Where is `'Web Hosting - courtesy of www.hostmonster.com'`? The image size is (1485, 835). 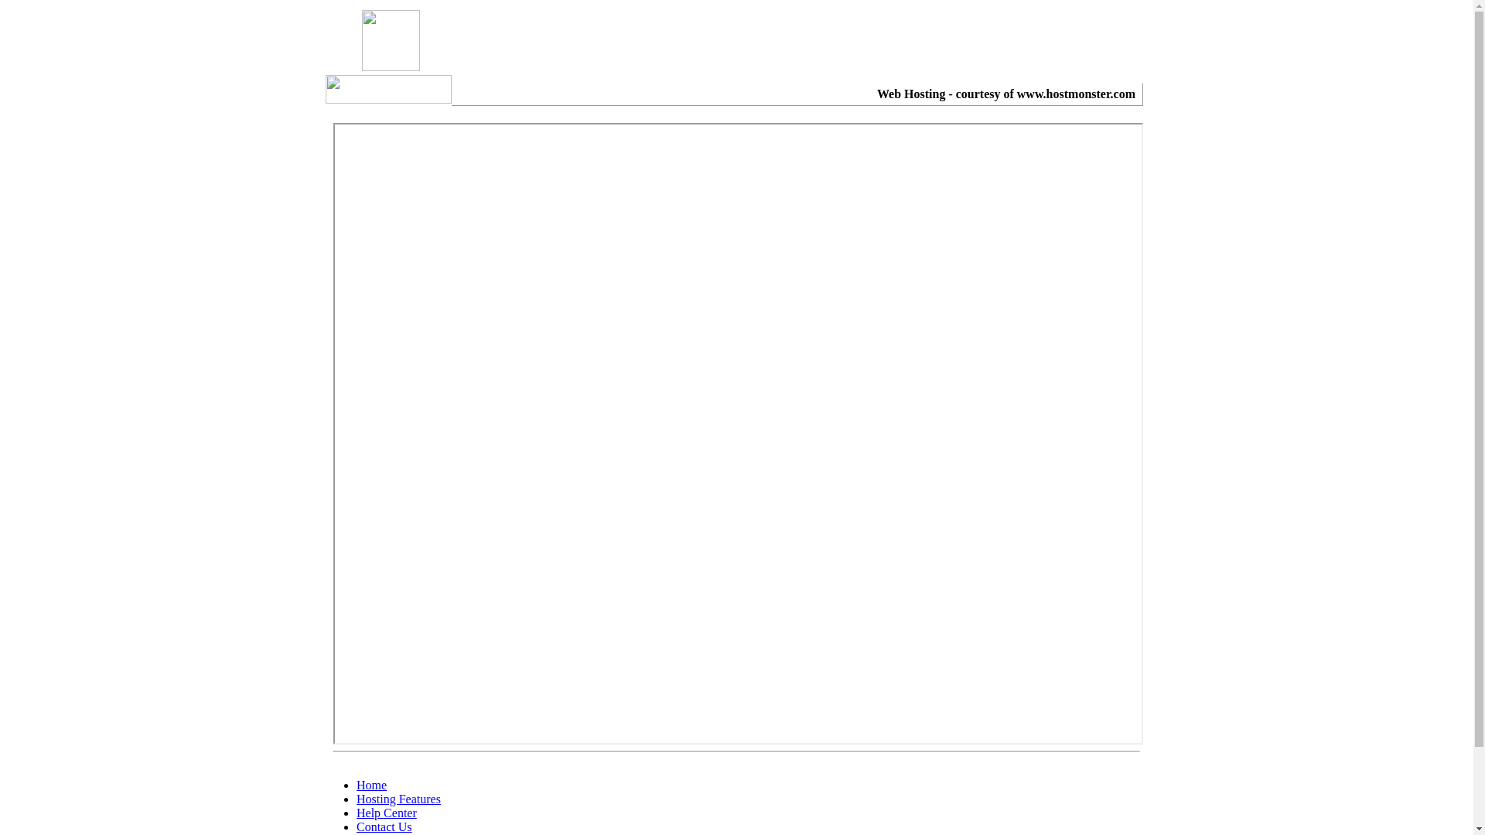 'Web Hosting - courtesy of www.hostmonster.com' is located at coordinates (1005, 94).